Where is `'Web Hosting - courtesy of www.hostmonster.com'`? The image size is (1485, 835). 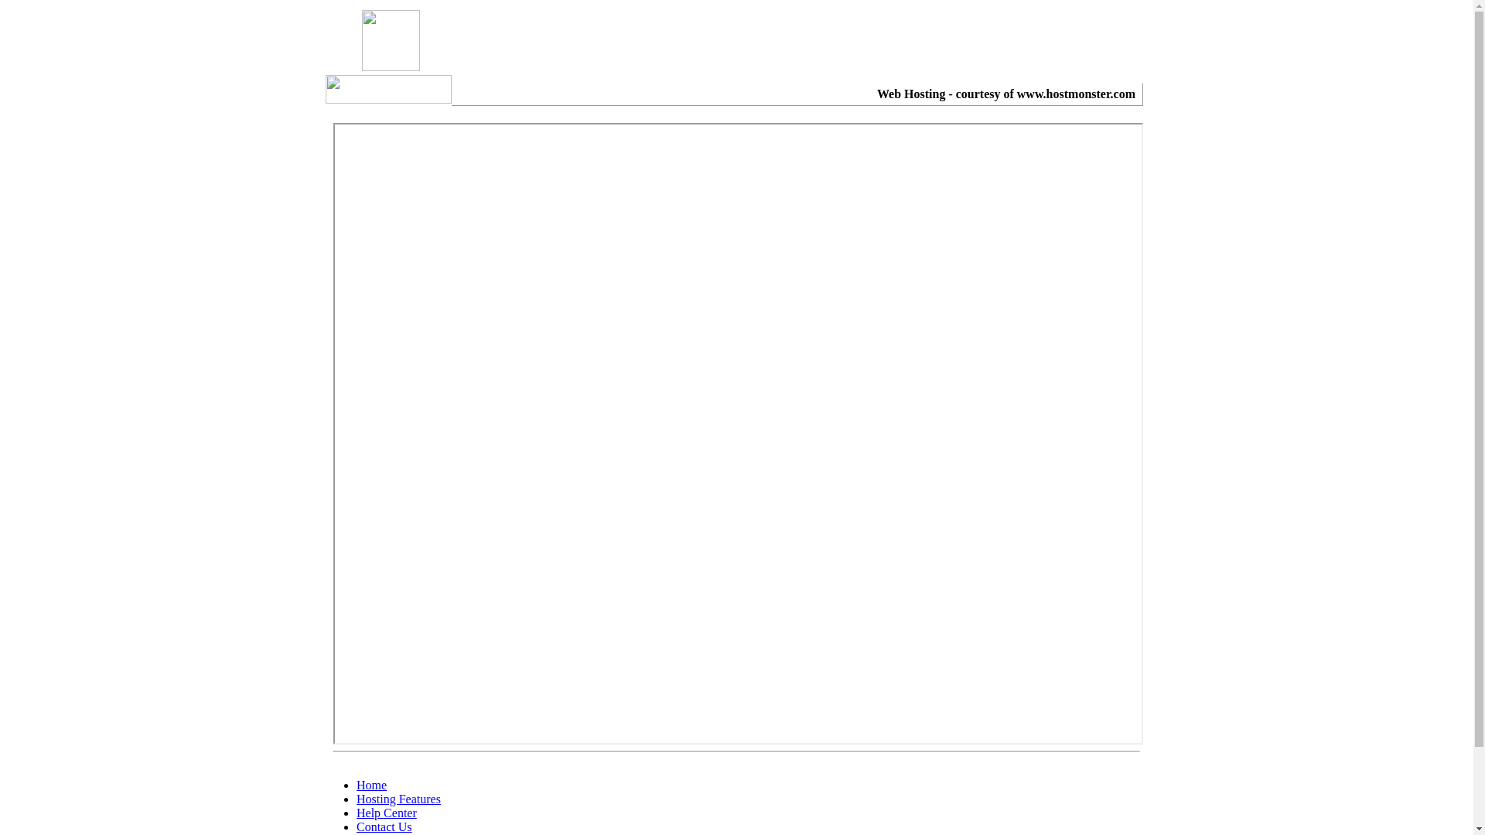 'Web Hosting - courtesy of www.hostmonster.com' is located at coordinates (1005, 94).